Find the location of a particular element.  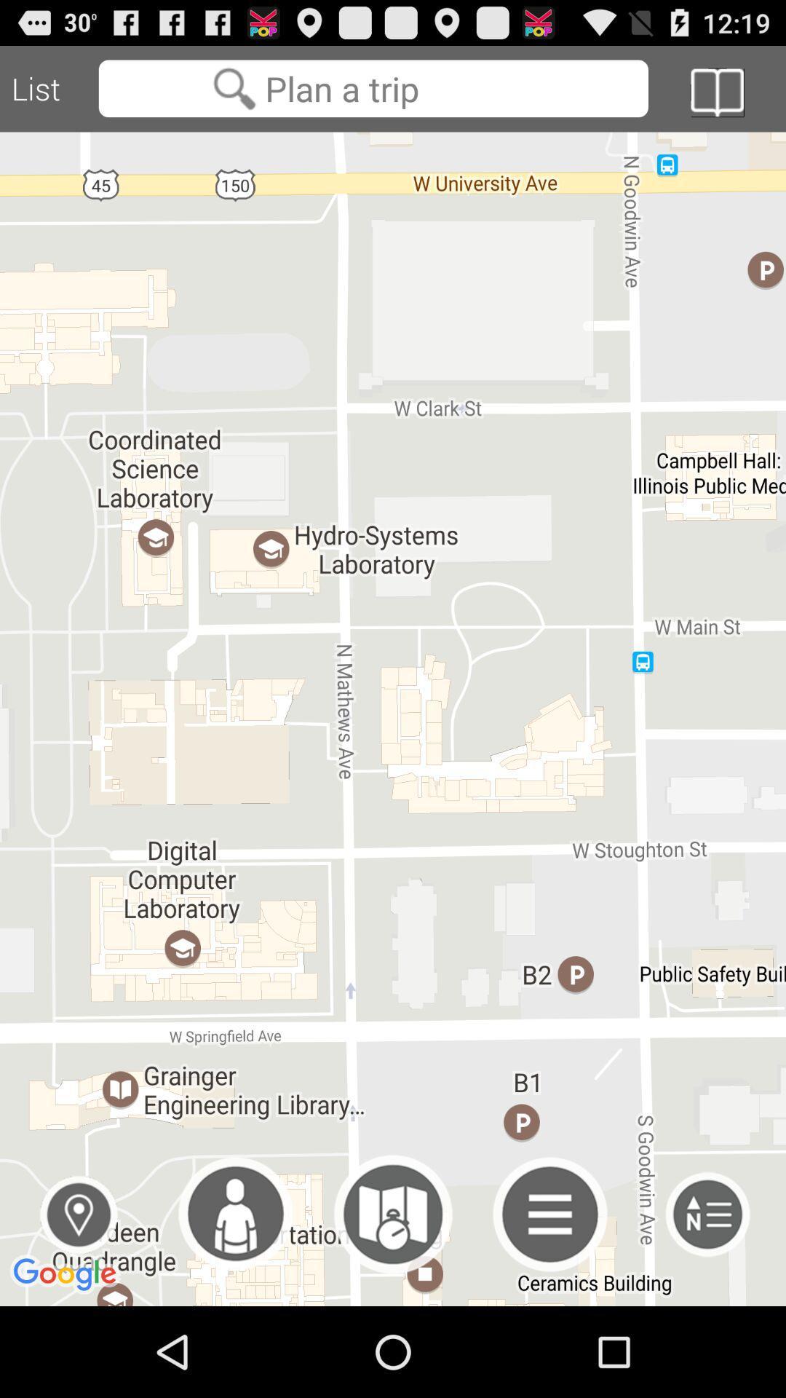

the app at the top left corner is located at coordinates (48, 88).